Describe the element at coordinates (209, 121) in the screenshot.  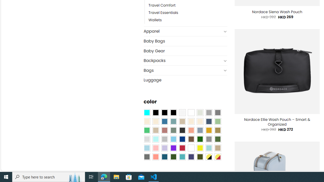
I see `'Hale Navy'` at that location.